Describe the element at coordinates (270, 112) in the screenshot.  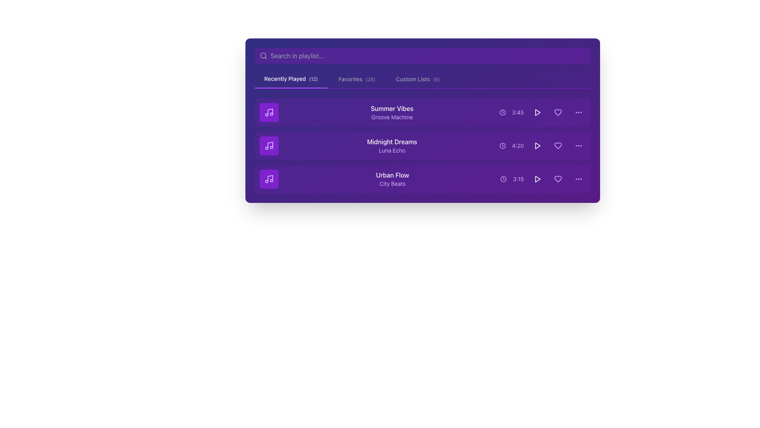
I see `the stylized music note icon located in the first item of the vertical list under the 'Recently Played' tab` at that location.